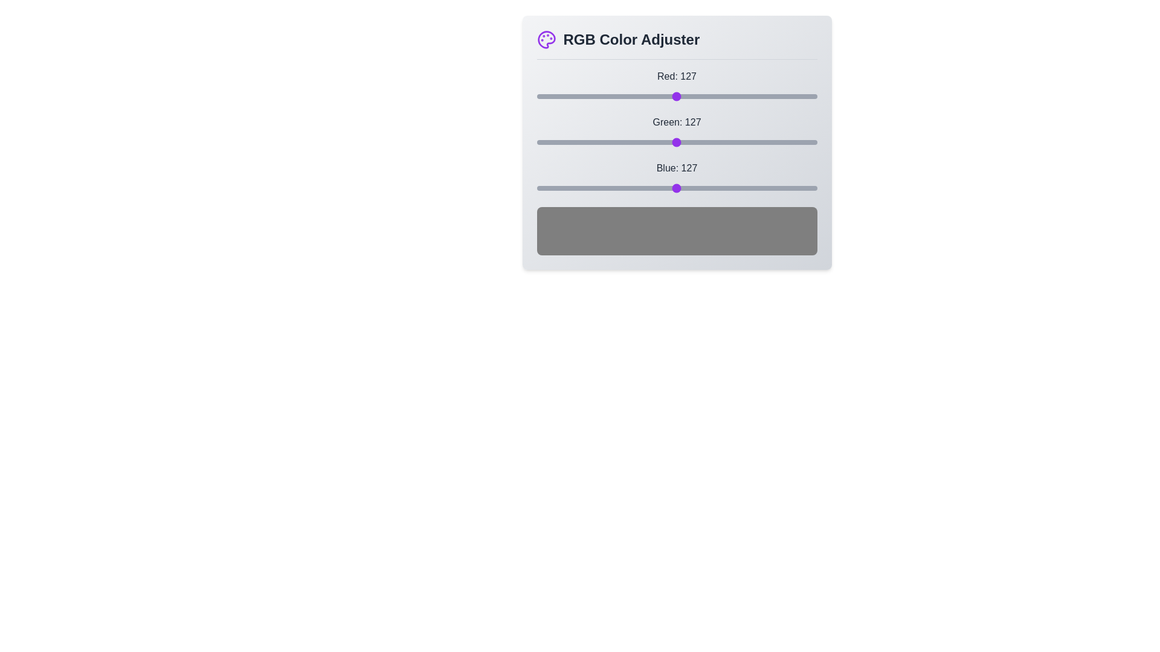  Describe the element at coordinates (677, 188) in the screenshot. I see `the blue slider to 128 by dragging the slider` at that location.